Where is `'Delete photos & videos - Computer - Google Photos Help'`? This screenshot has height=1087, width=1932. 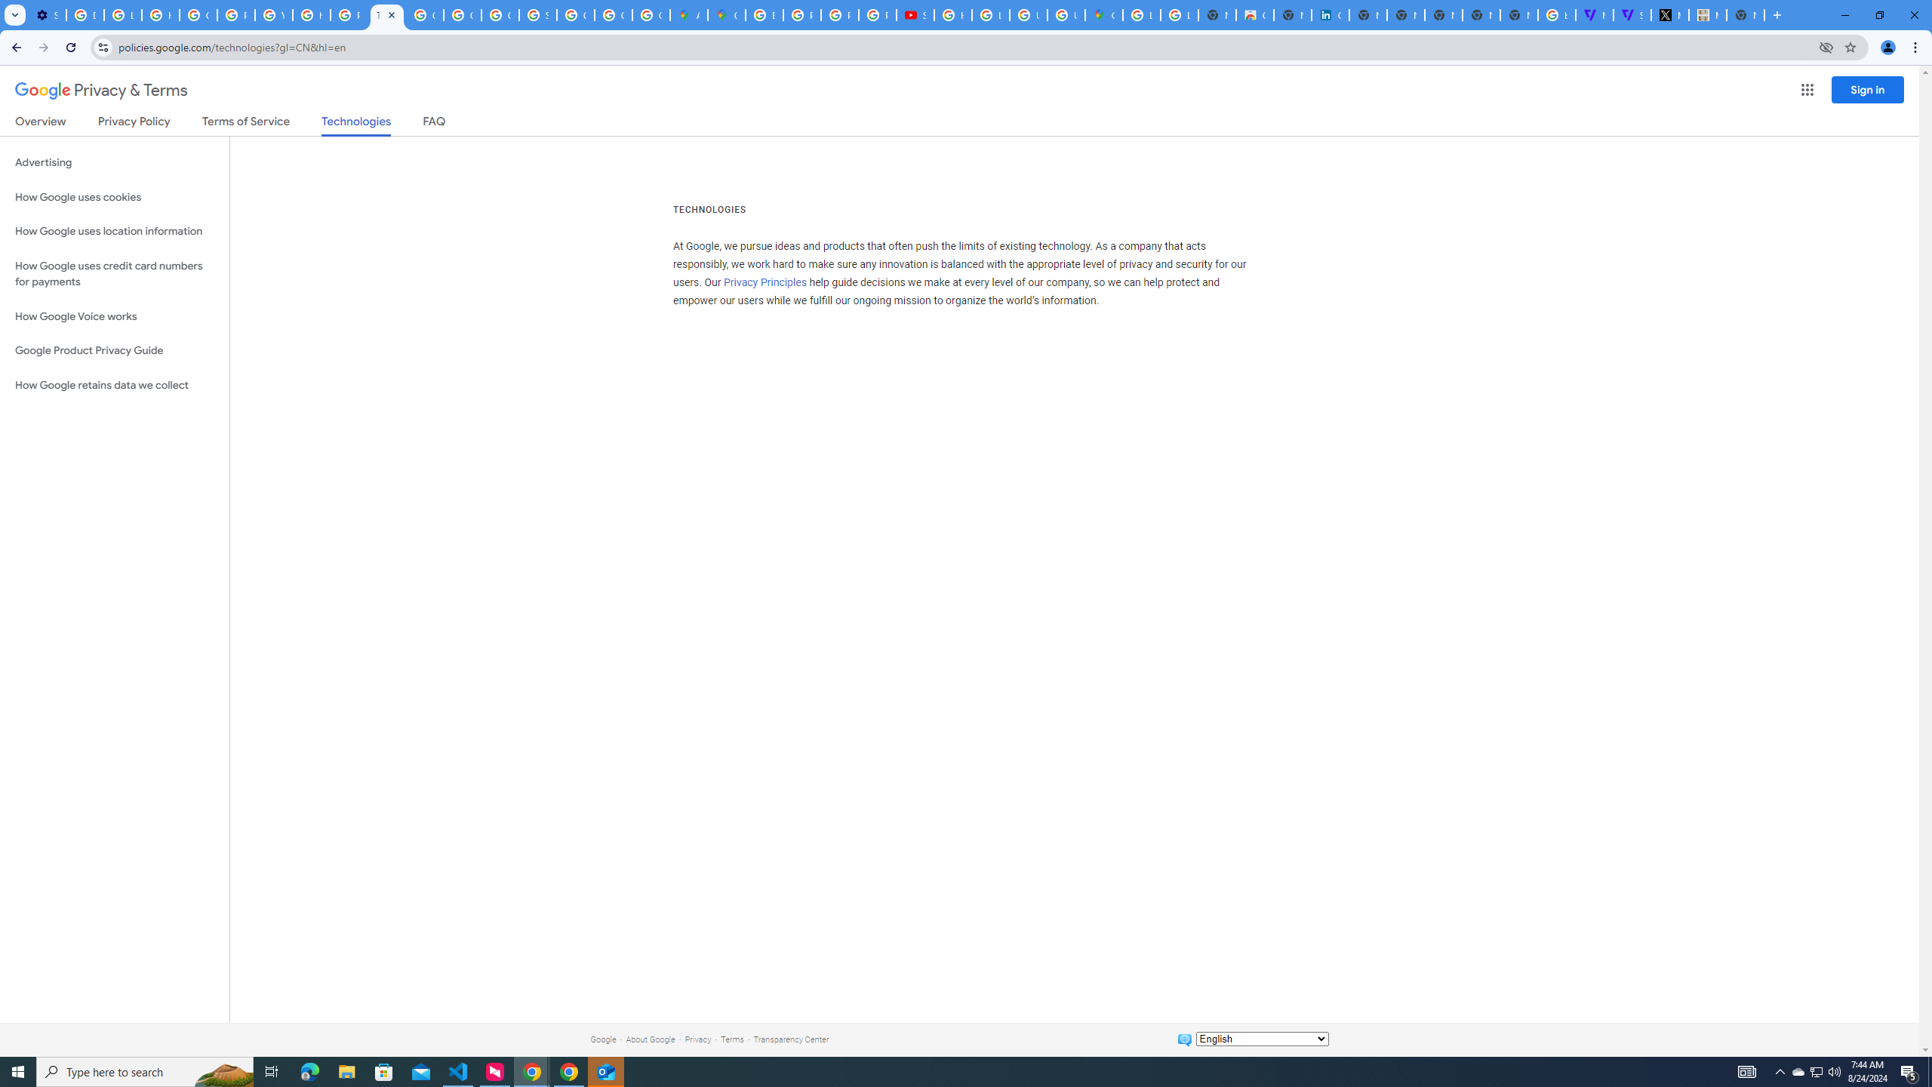 'Delete photos & videos - Computer - Google Photos Help' is located at coordinates (84, 14).